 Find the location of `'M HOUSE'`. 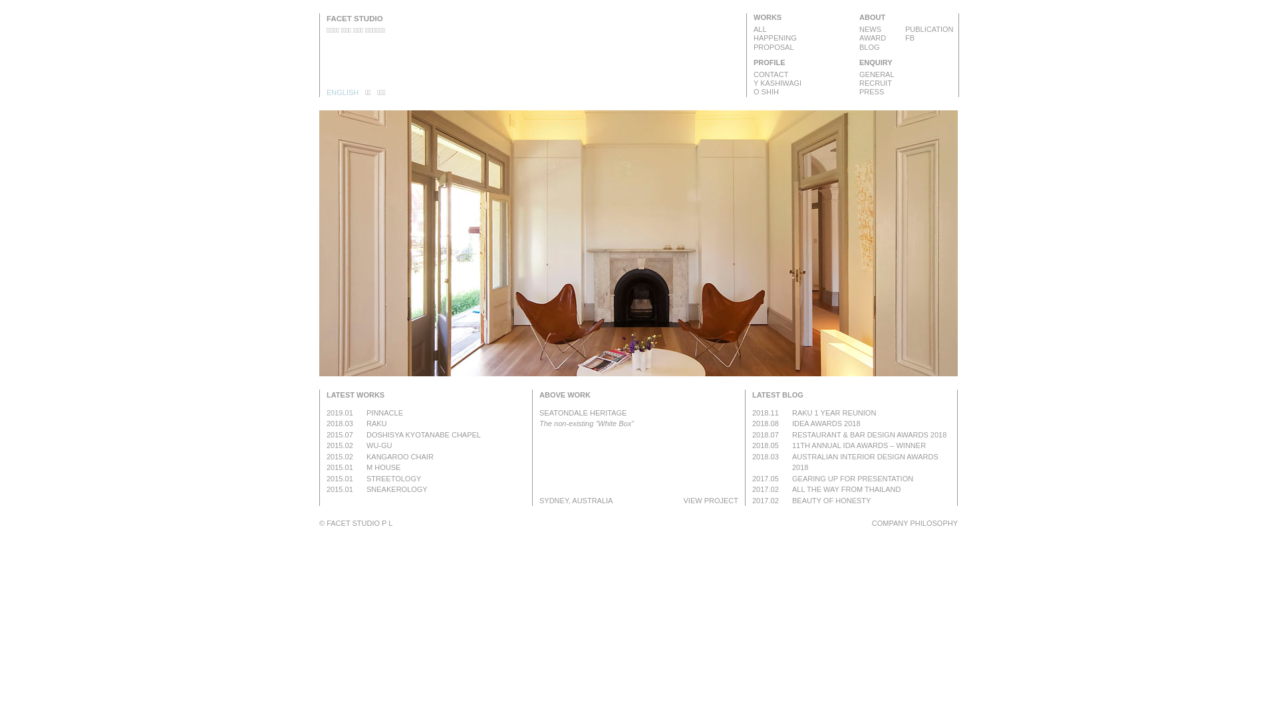

'M HOUSE' is located at coordinates (366, 467).